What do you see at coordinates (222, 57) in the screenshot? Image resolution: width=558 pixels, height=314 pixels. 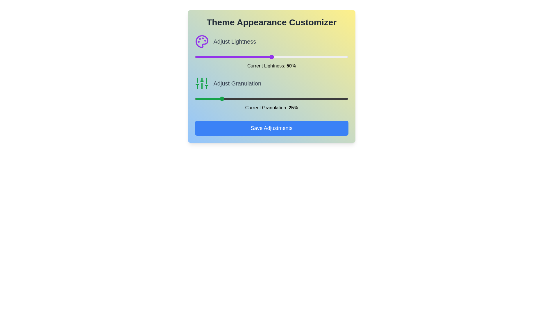 I see `the lightness slider to 18%` at bounding box center [222, 57].